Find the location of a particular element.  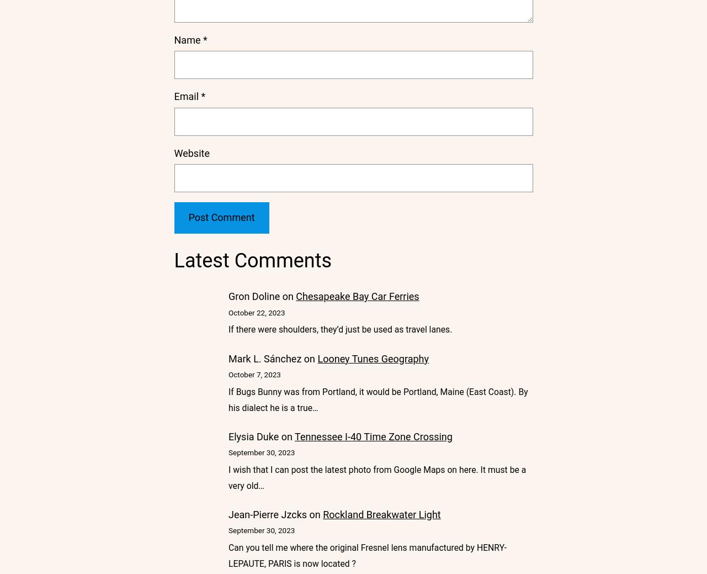

'Looney Tunes Geography' is located at coordinates (372, 358).